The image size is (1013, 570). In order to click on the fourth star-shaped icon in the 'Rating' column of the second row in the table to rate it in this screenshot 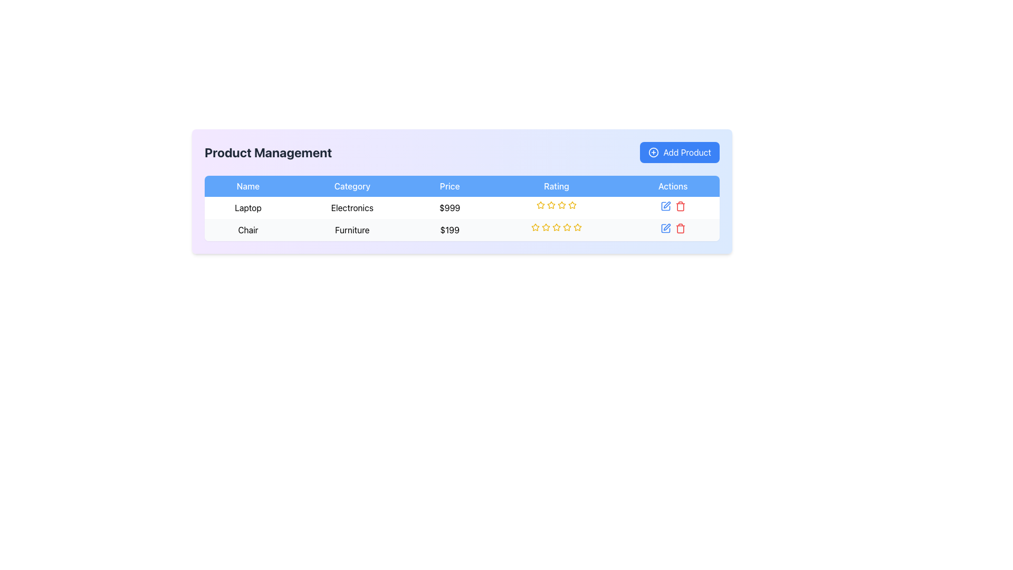, I will do `click(567, 226)`.